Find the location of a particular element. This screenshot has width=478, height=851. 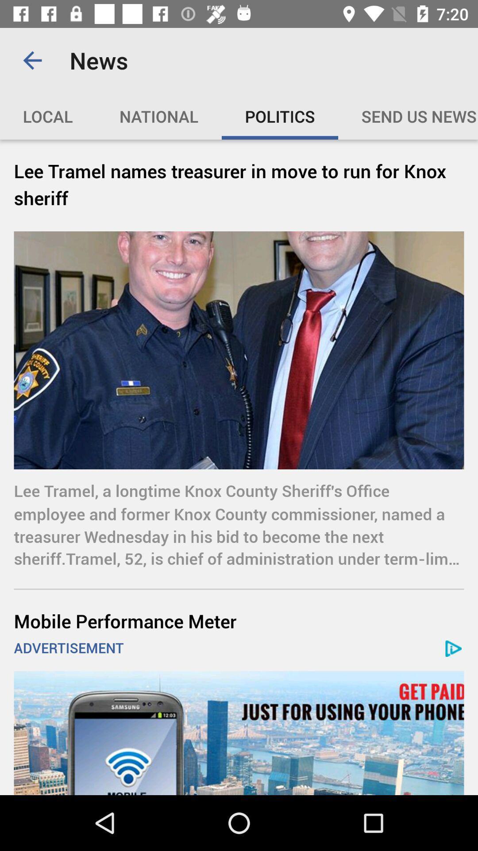

app next to the news app is located at coordinates (32, 60).